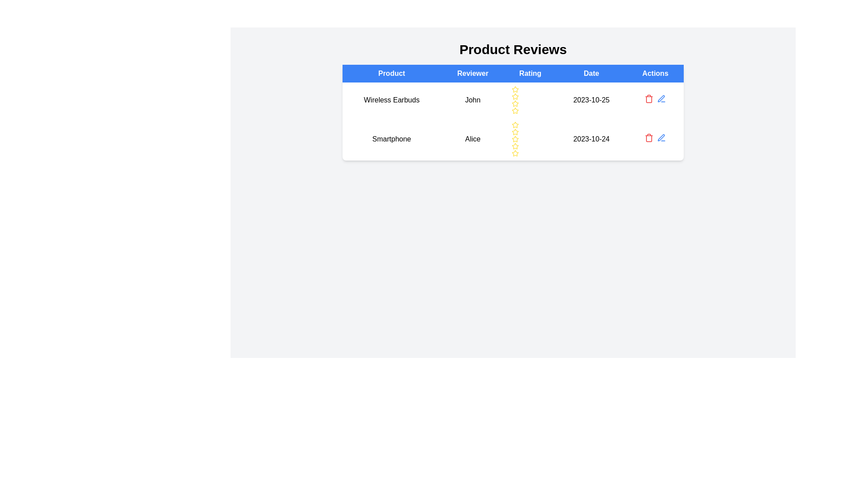  What do you see at coordinates (472, 73) in the screenshot?
I see `the header cell in the table that indicates data for reviewers, located between the 'Product' header on the left and the 'Rating' header on the right` at bounding box center [472, 73].